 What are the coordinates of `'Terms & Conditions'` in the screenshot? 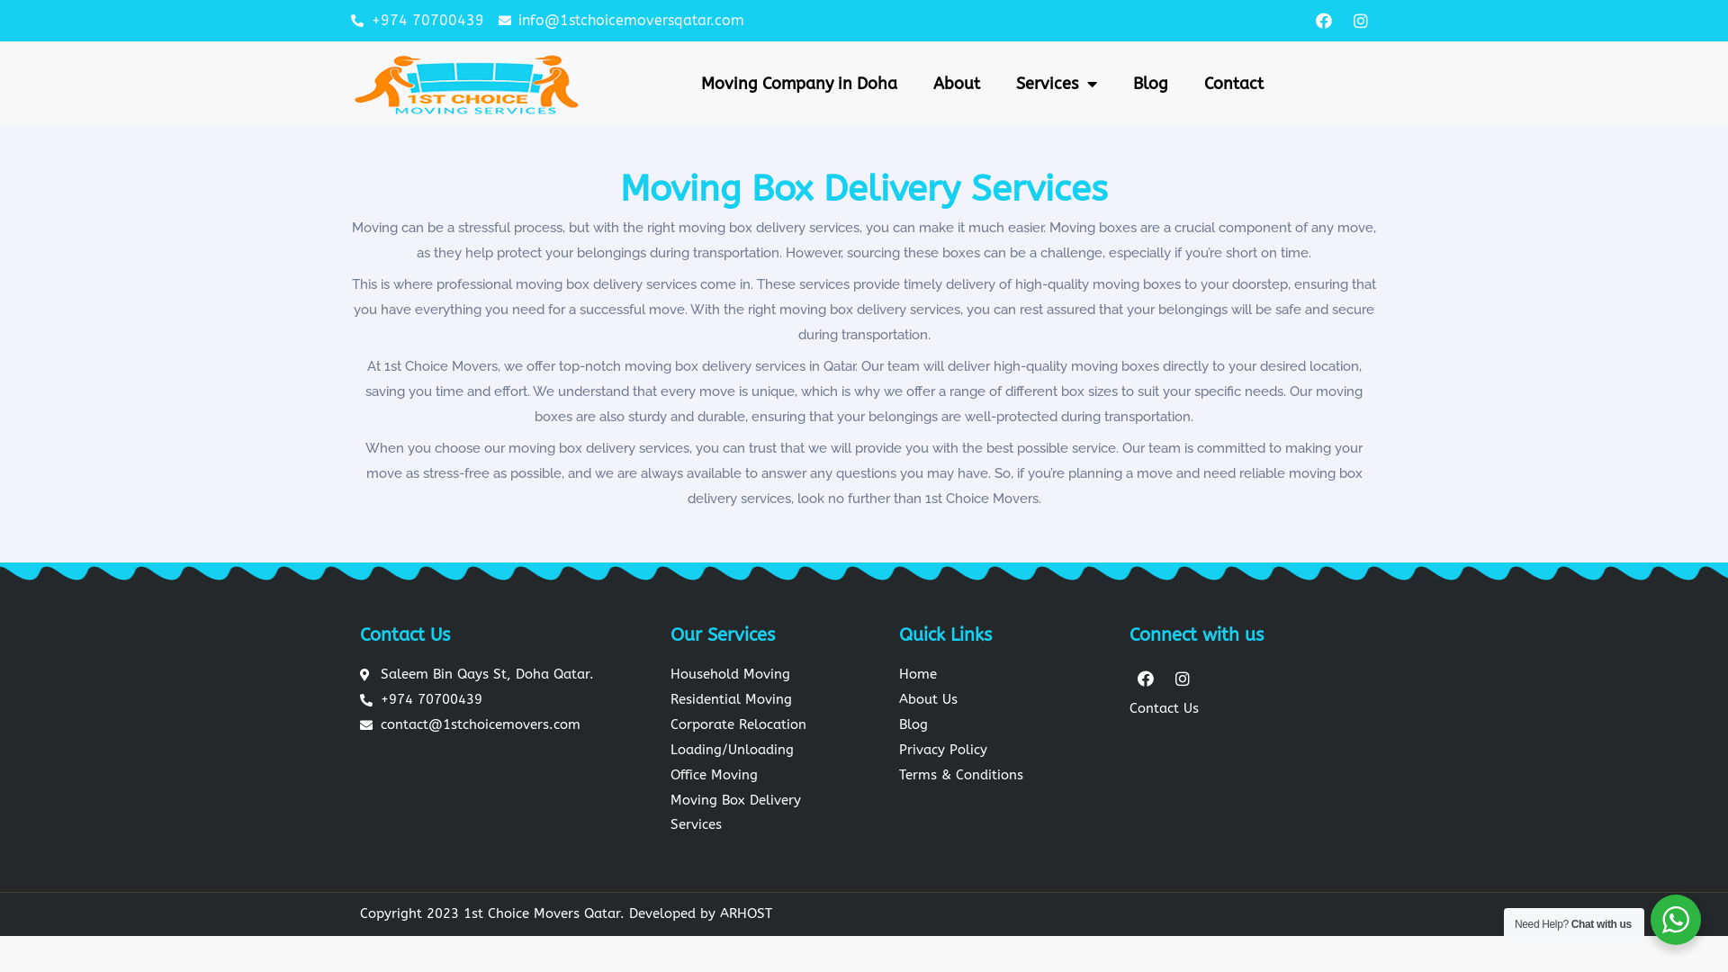 It's located at (1004, 774).